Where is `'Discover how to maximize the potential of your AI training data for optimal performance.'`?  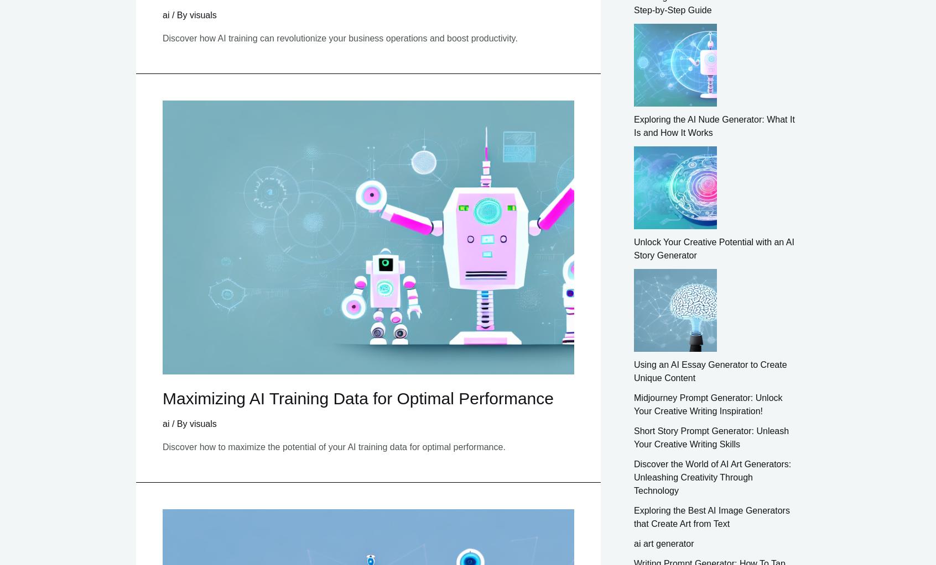
'Discover how to maximize the potential of your AI training data for optimal performance.' is located at coordinates (162, 447).